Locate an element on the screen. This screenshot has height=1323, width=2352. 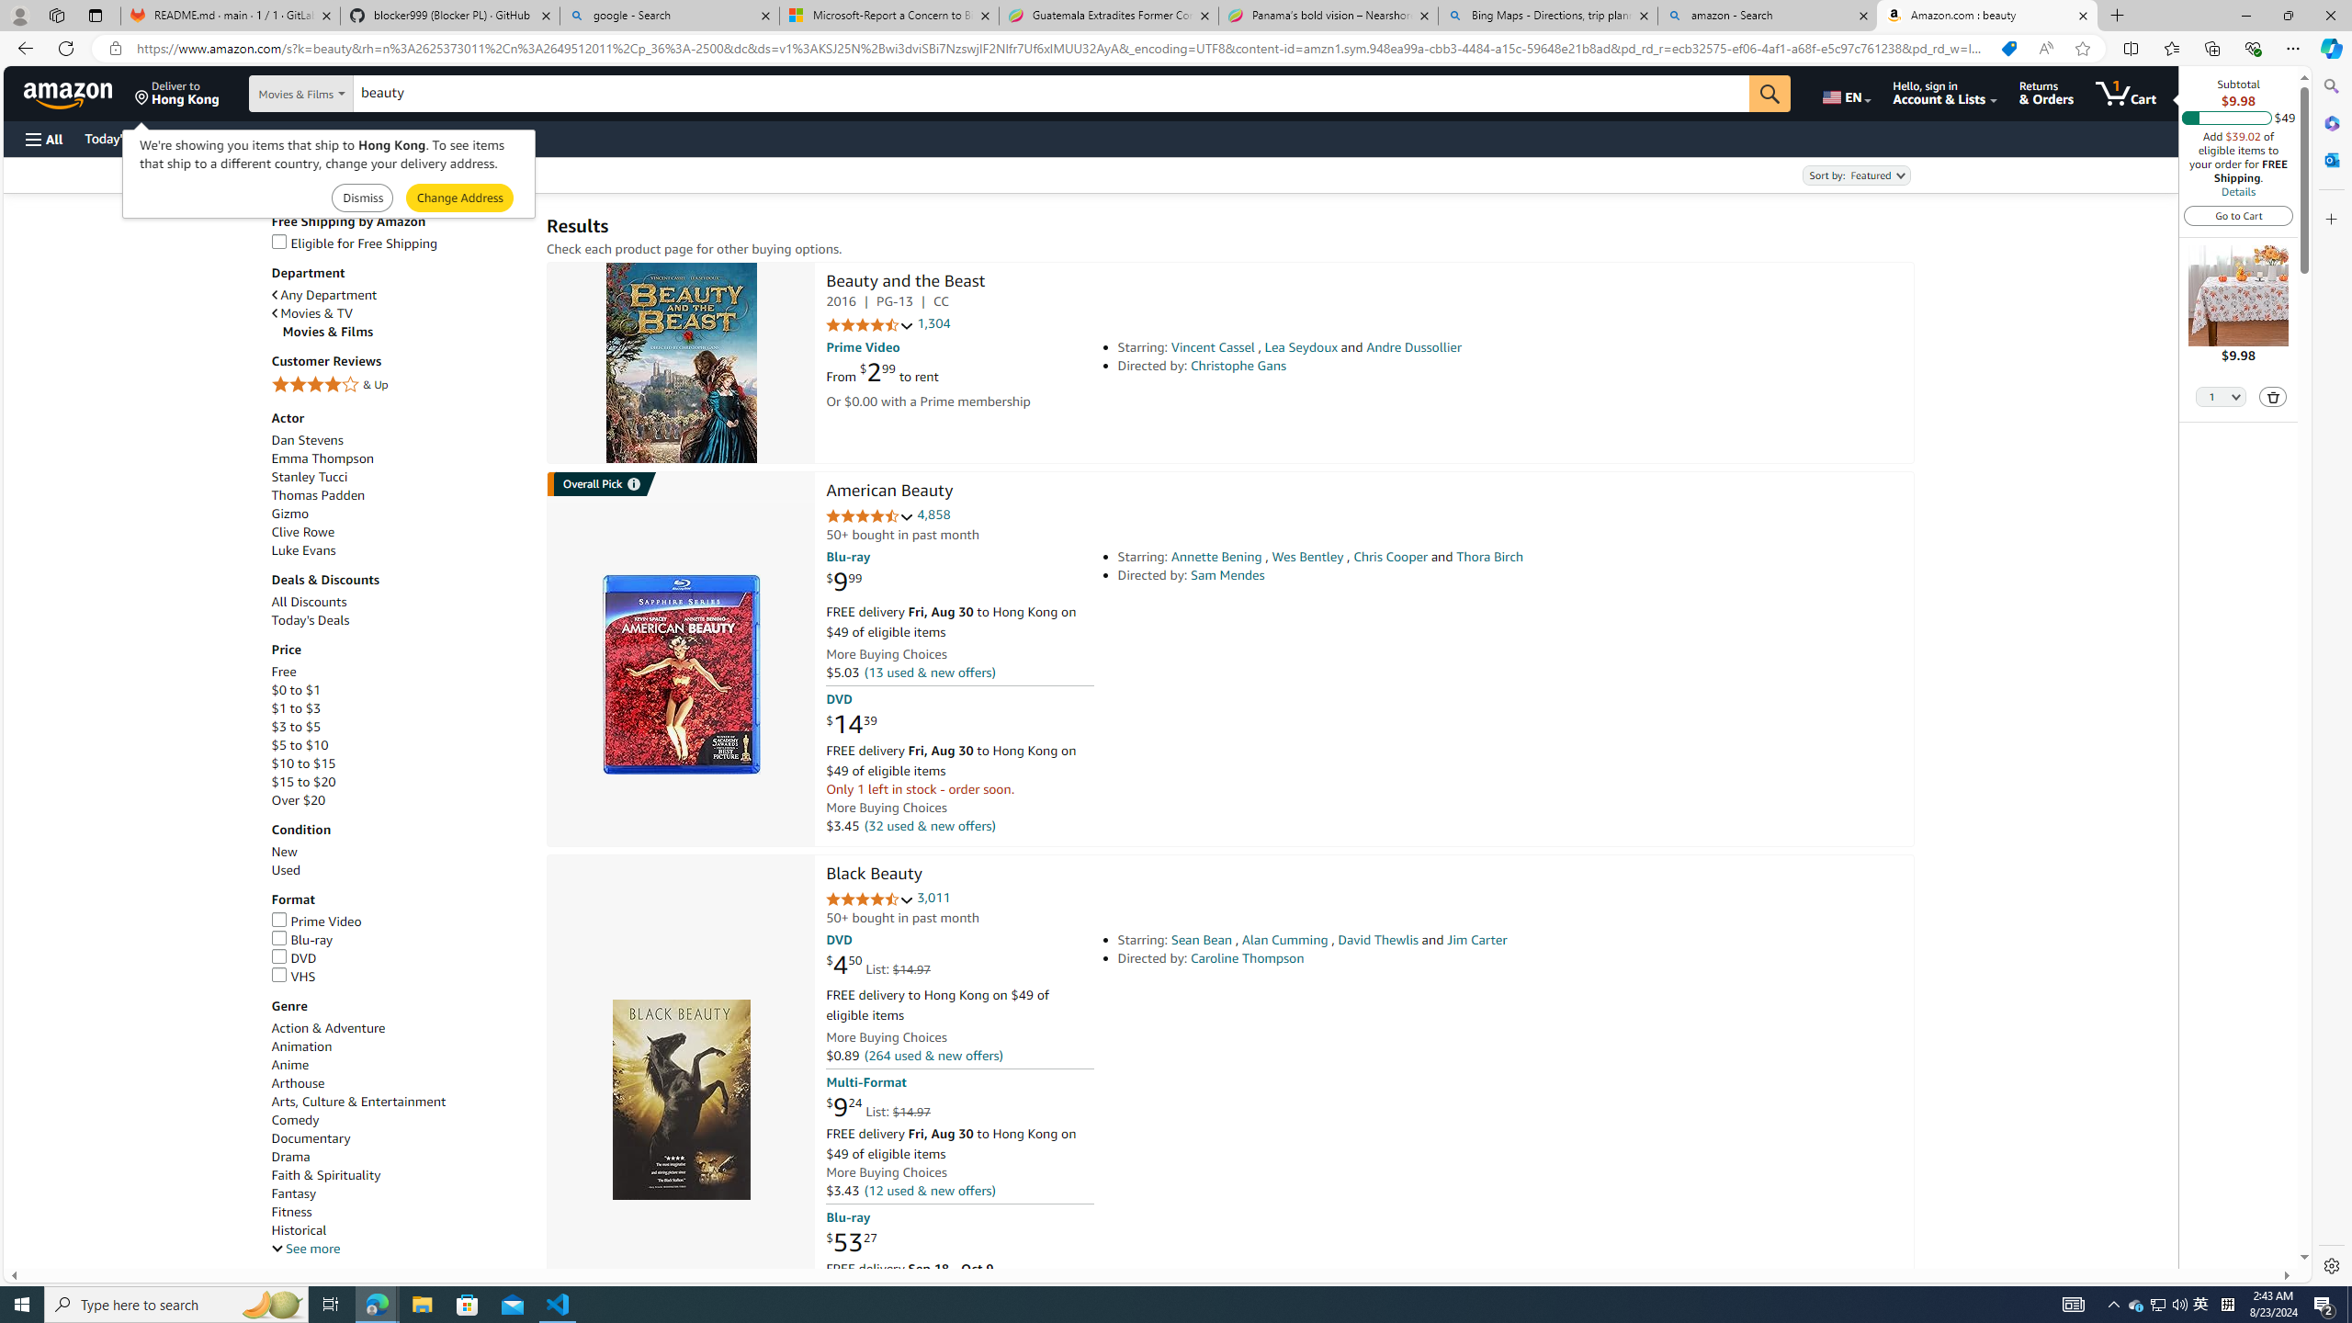
'Hello, sign in Account & Lists' is located at coordinates (1944, 92).